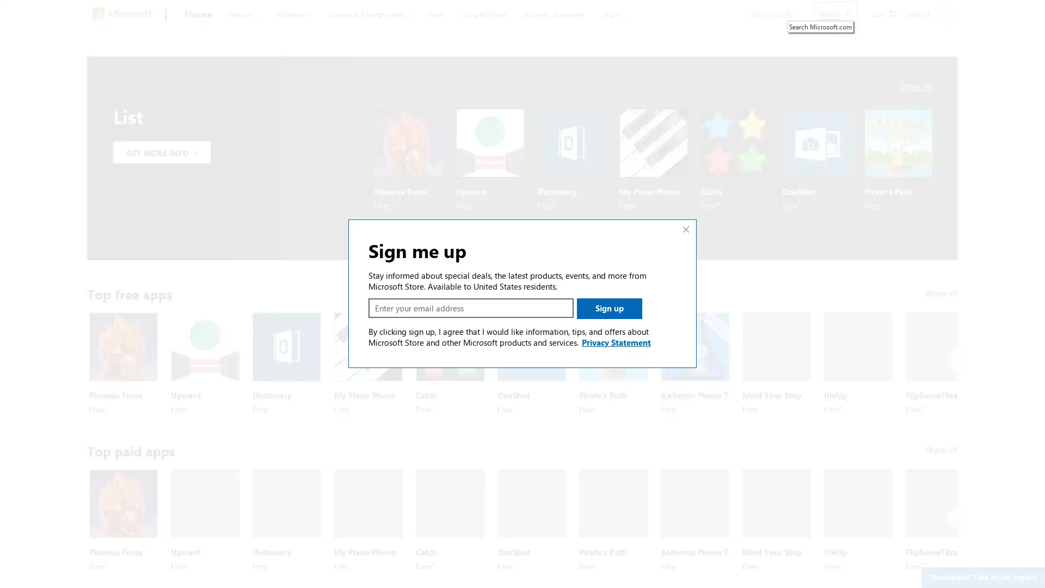 This screenshot has height=588, width=1045. Describe the element at coordinates (686, 229) in the screenshot. I see `Close` at that location.